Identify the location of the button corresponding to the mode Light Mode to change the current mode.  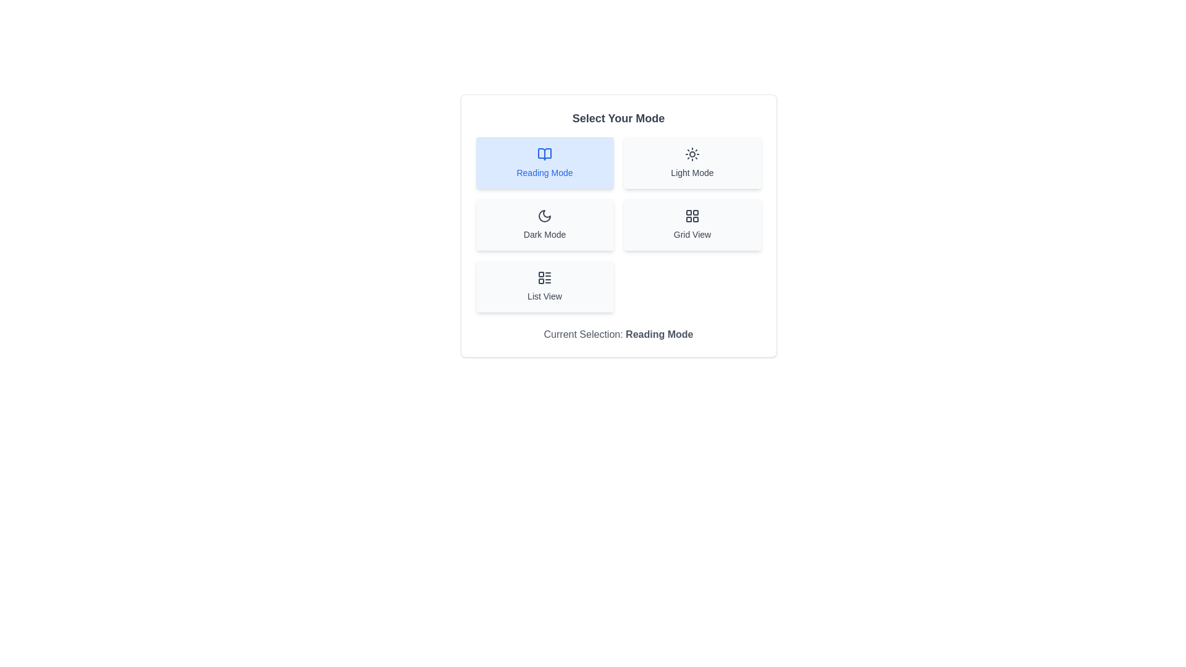
(692, 162).